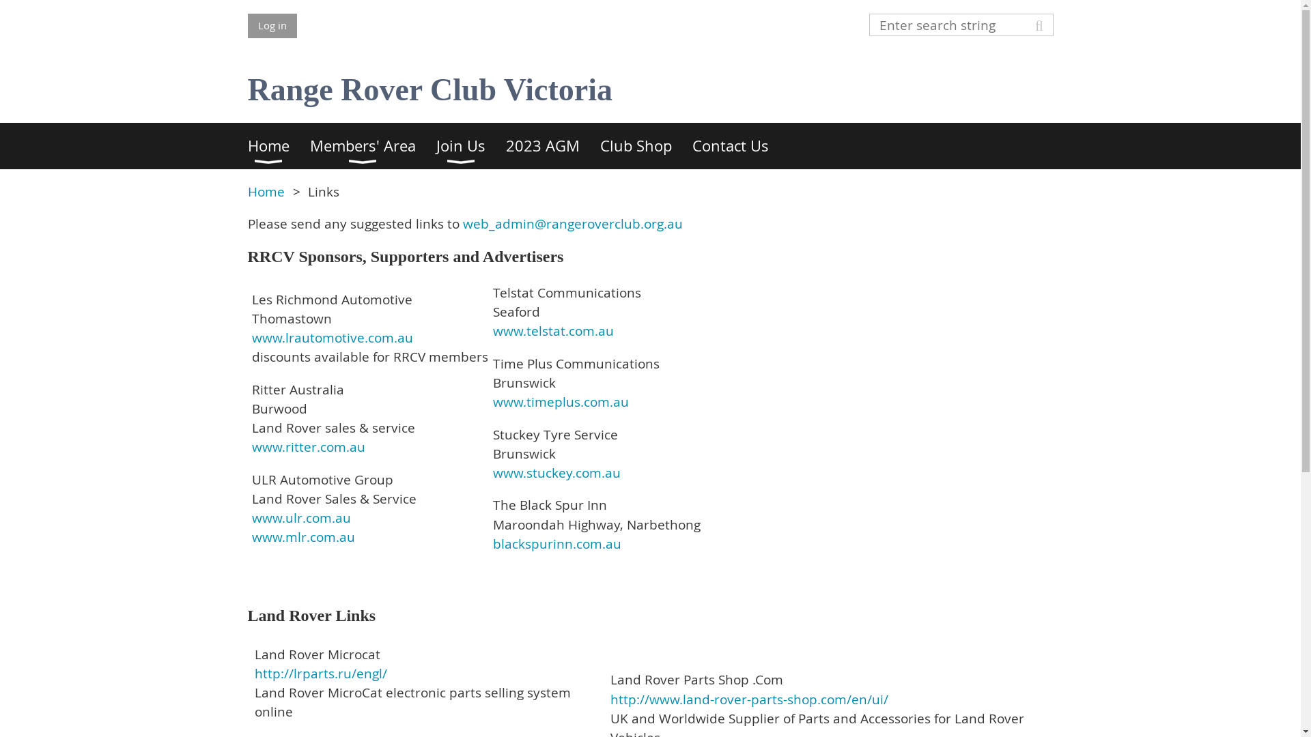 This screenshot has width=1311, height=737. I want to click on 'Log in', so click(246, 26).